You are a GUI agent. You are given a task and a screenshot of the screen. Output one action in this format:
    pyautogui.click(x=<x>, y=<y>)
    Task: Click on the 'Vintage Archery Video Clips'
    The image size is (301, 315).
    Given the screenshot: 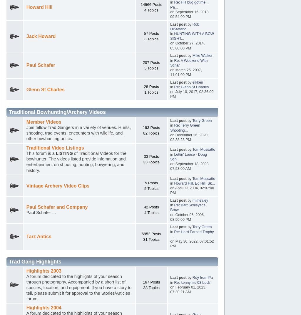 What is the action you would take?
    pyautogui.click(x=26, y=185)
    